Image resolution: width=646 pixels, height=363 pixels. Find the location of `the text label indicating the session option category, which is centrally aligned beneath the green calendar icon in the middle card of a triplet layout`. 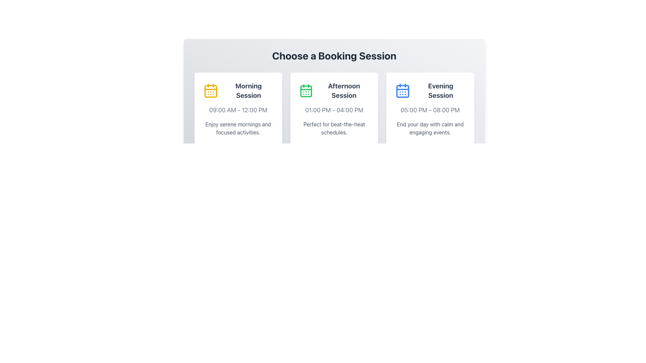

the text label indicating the session option category, which is centrally aligned beneath the green calendar icon in the middle card of a triplet layout is located at coordinates (344, 91).